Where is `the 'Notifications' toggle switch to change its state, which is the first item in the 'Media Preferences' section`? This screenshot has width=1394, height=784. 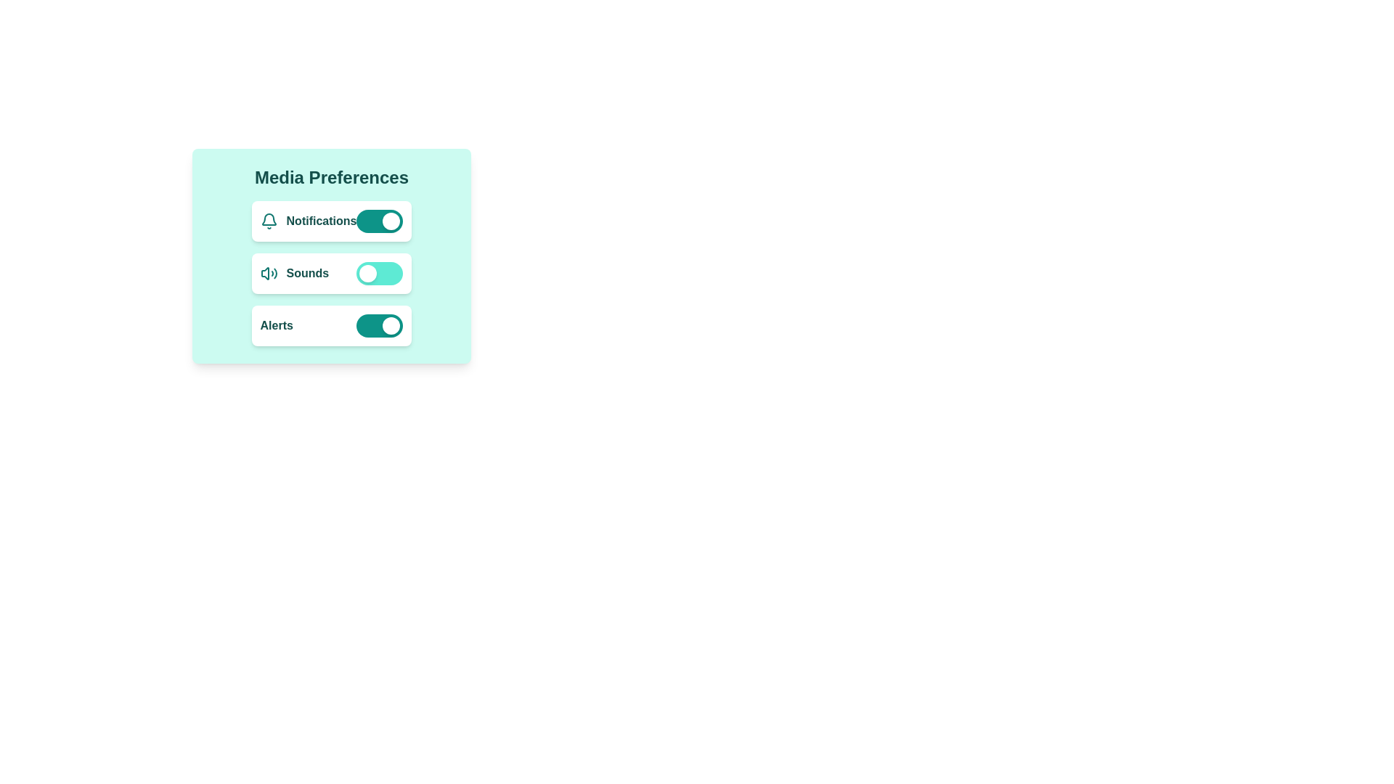
the 'Notifications' toggle switch to change its state, which is the first item in the 'Media Preferences' section is located at coordinates (330, 221).